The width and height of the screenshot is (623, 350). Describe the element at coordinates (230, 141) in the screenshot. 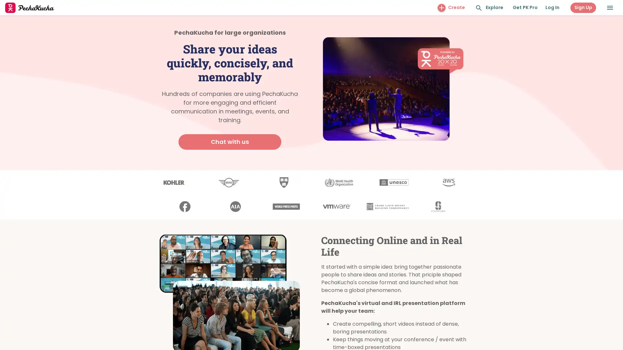

I see `Chat with us` at that location.